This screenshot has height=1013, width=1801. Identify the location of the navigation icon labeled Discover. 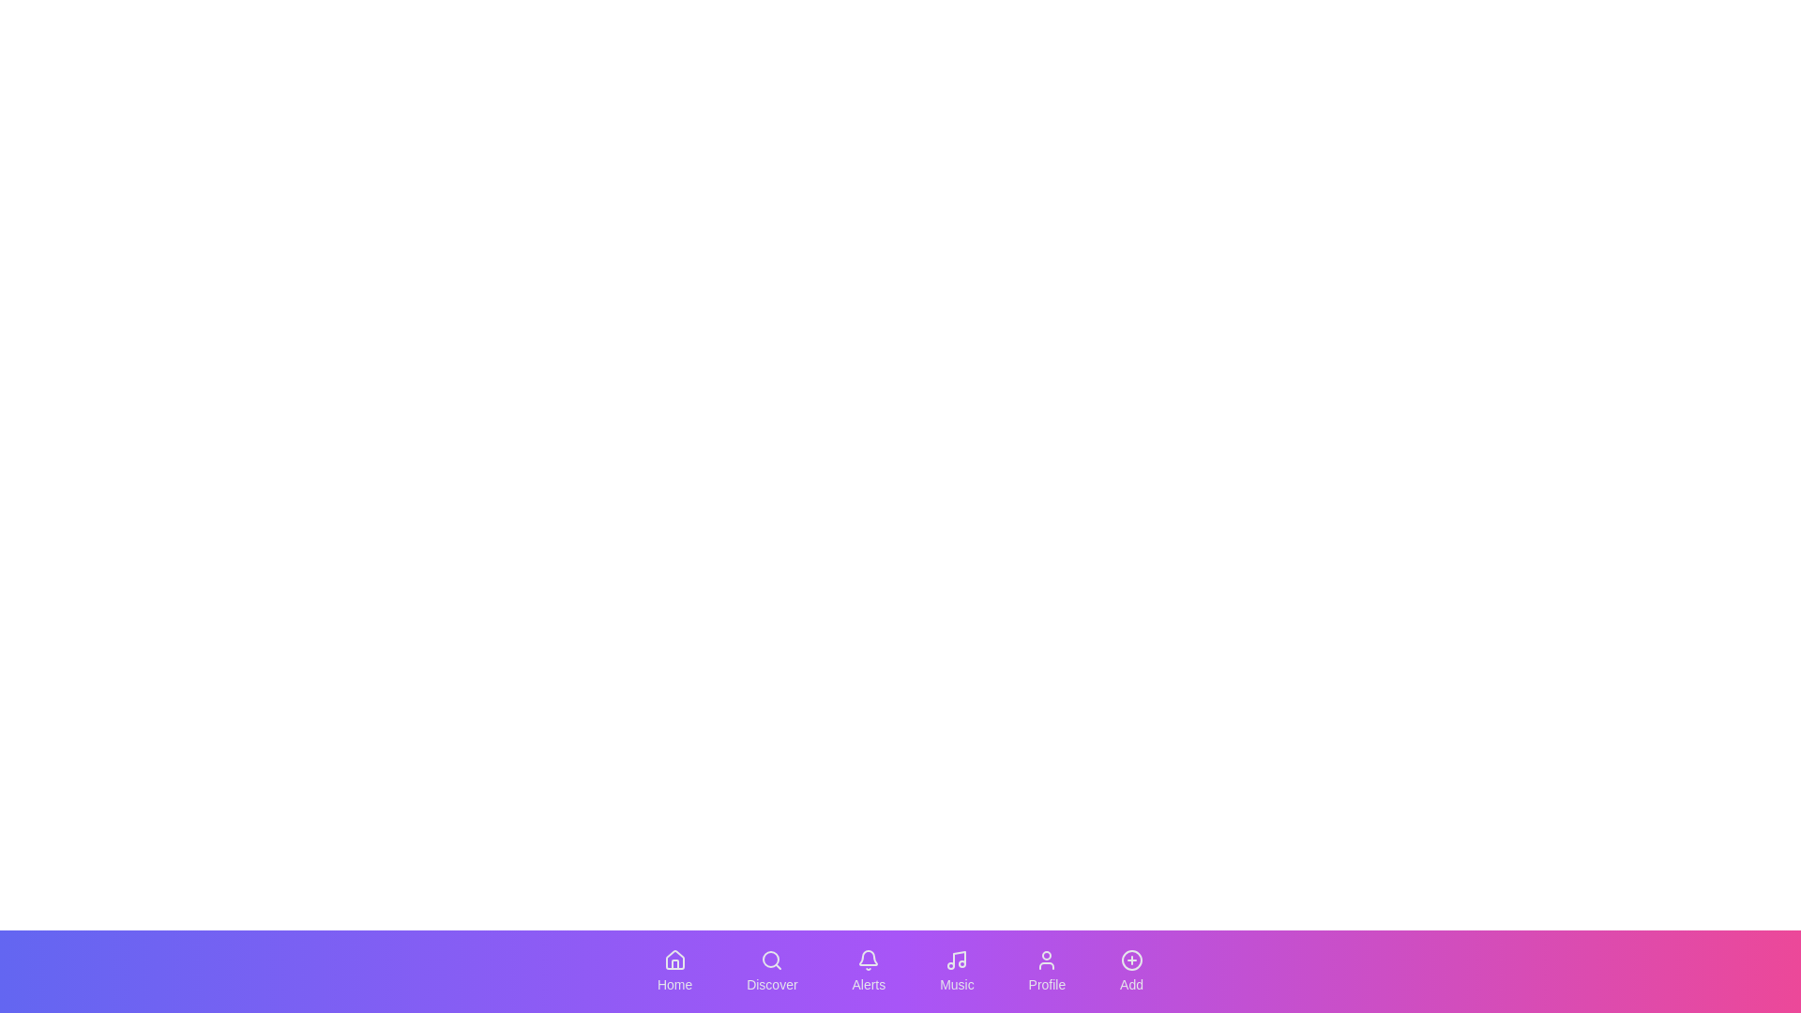
(772, 971).